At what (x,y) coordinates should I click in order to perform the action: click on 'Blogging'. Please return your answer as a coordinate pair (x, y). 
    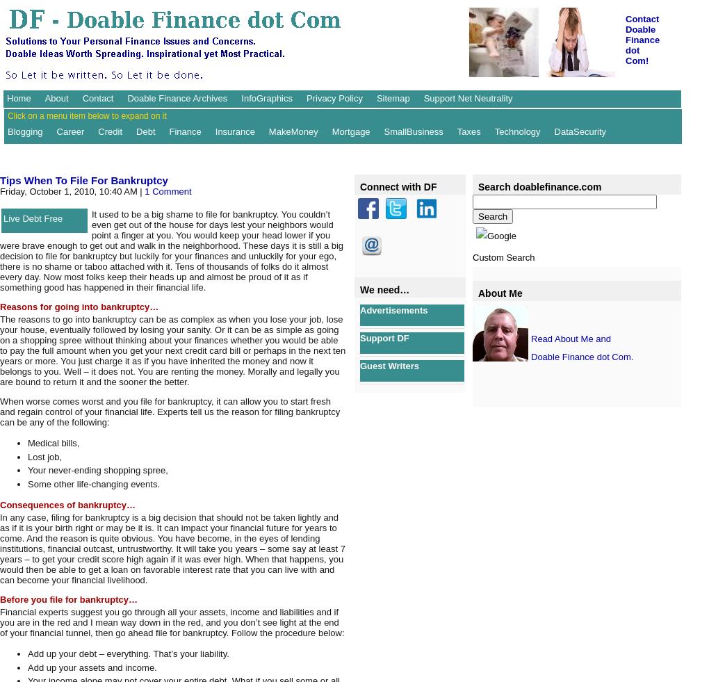
    Looking at the image, I should click on (7, 130).